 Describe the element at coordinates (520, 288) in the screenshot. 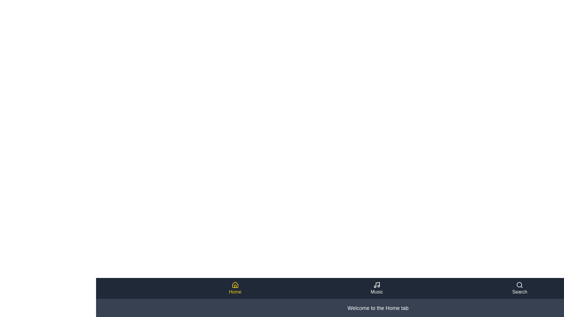

I see `the Search tab to view its hover state` at that location.